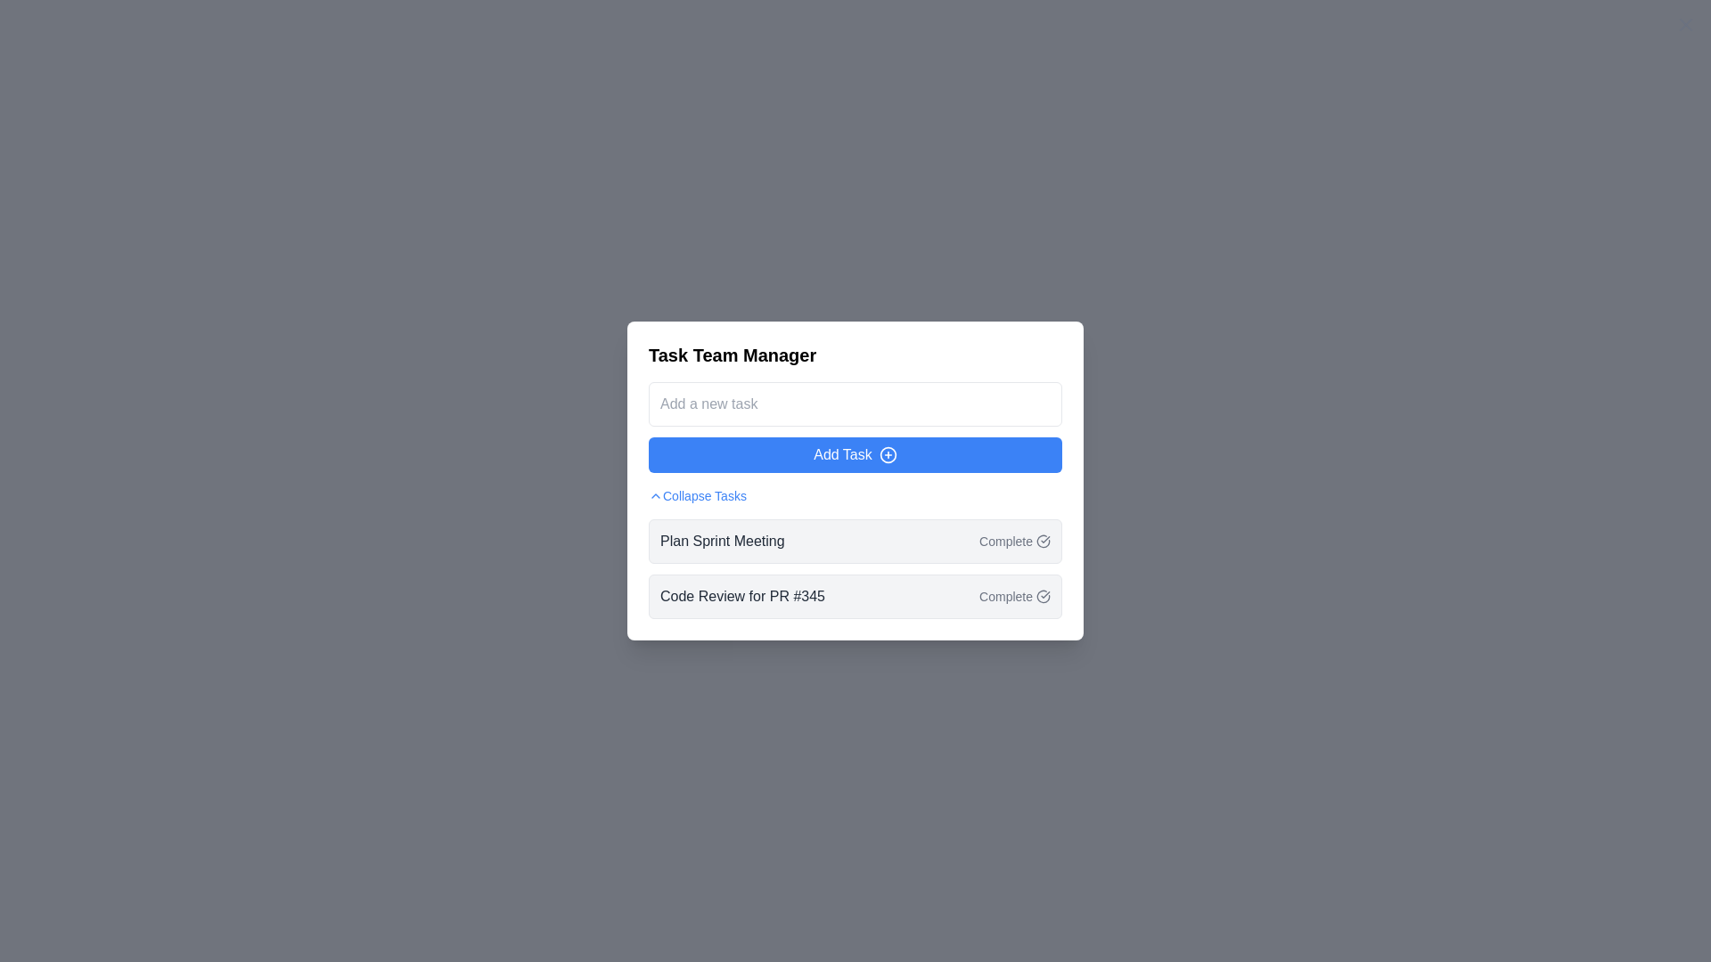 This screenshot has height=962, width=1711. What do you see at coordinates (1044, 541) in the screenshot?
I see `the SVG icon button styled as a checkmark inside a circle located in the second row of the task list labeled 'Plan Sprint Meeting'` at bounding box center [1044, 541].